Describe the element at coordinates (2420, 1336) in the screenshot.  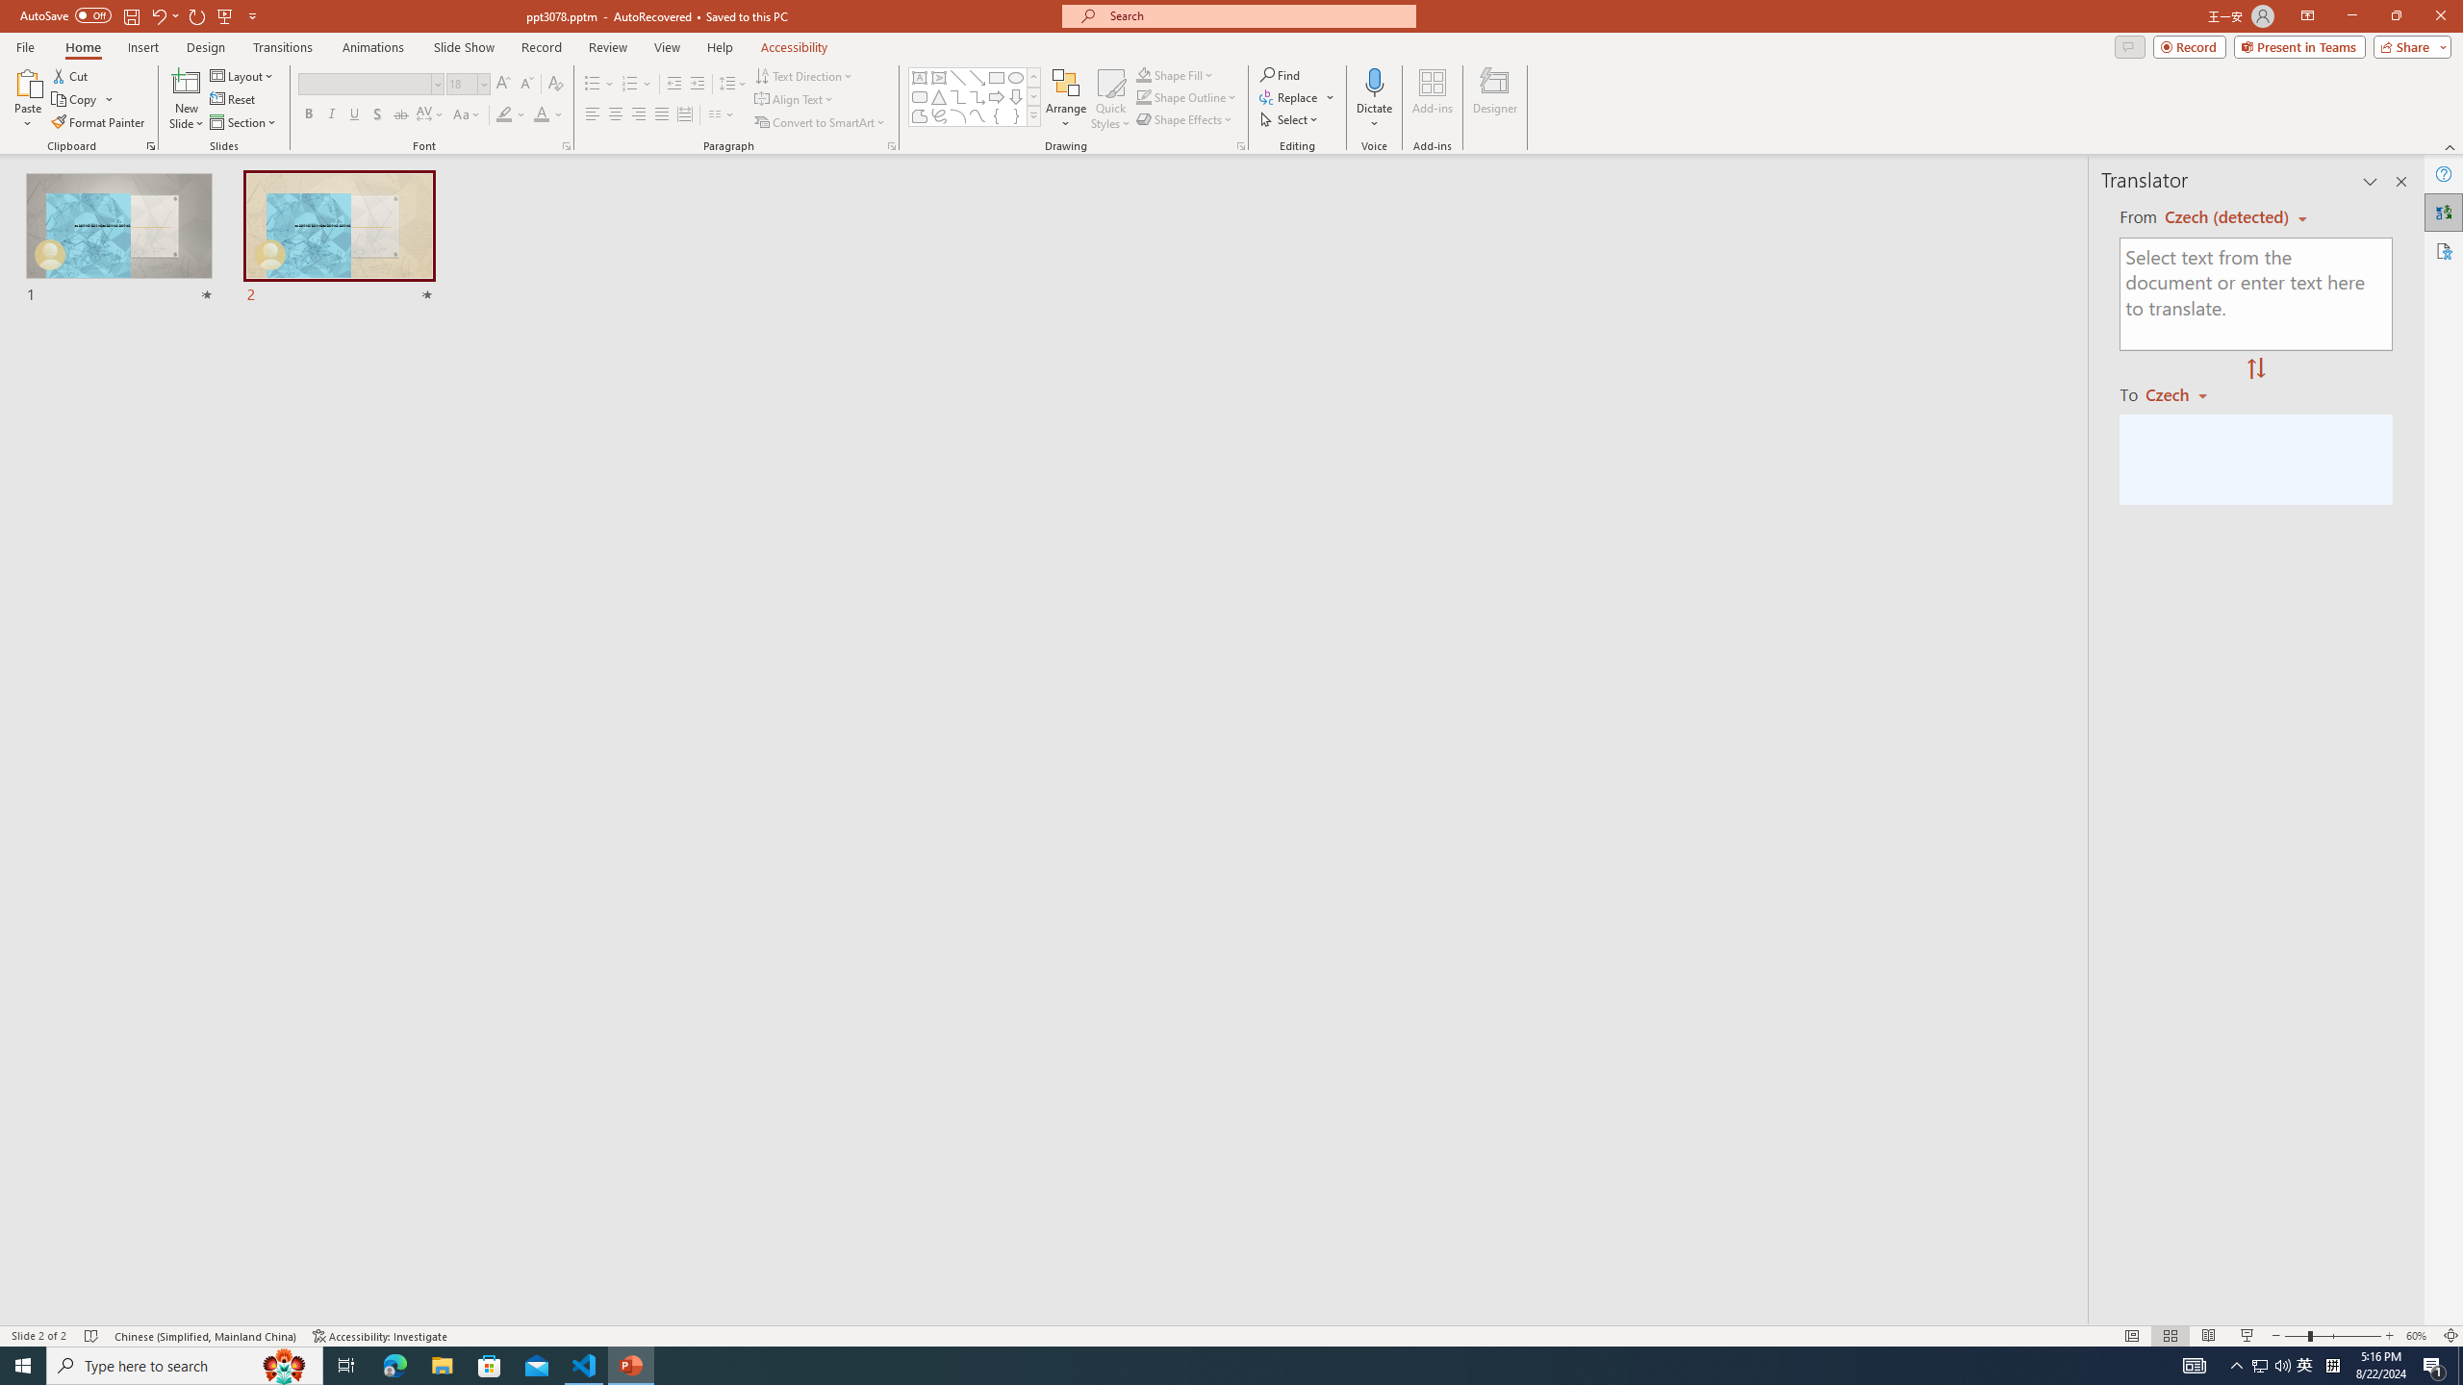
I see `'Zoom 60%'` at that location.